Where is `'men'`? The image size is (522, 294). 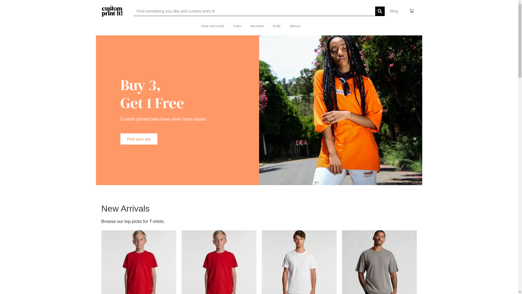
'men' is located at coordinates (233, 26).